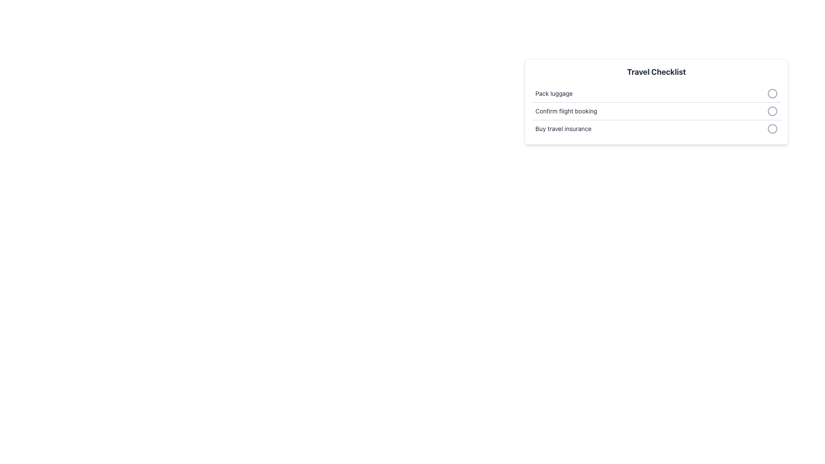 The width and height of the screenshot is (825, 464). Describe the element at coordinates (563, 129) in the screenshot. I see `the informational text label located on the left side of the third row in the 'Travel Checklist' section of the checklist interface` at that location.